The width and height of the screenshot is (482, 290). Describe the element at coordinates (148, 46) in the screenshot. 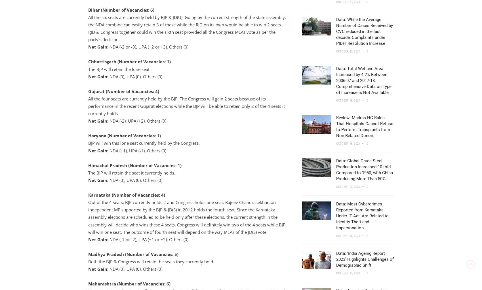

I see `'NDA (-2 or -3), UPA (+2 or +3), Others (0)'` at that location.